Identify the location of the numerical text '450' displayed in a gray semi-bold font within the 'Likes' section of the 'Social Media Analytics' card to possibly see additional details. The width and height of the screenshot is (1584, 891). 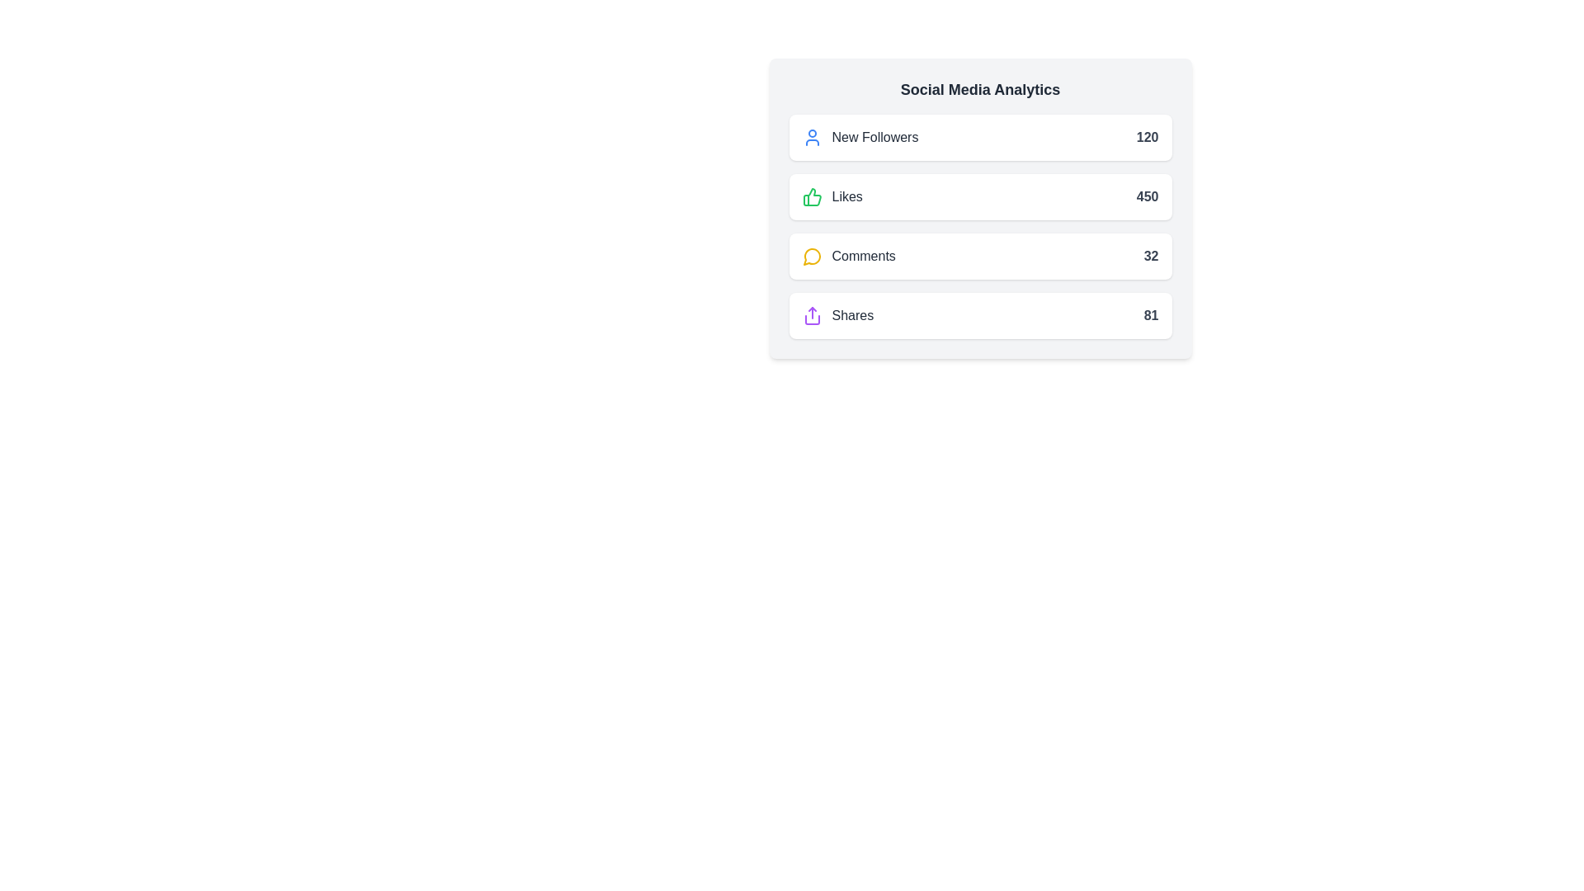
(1147, 196).